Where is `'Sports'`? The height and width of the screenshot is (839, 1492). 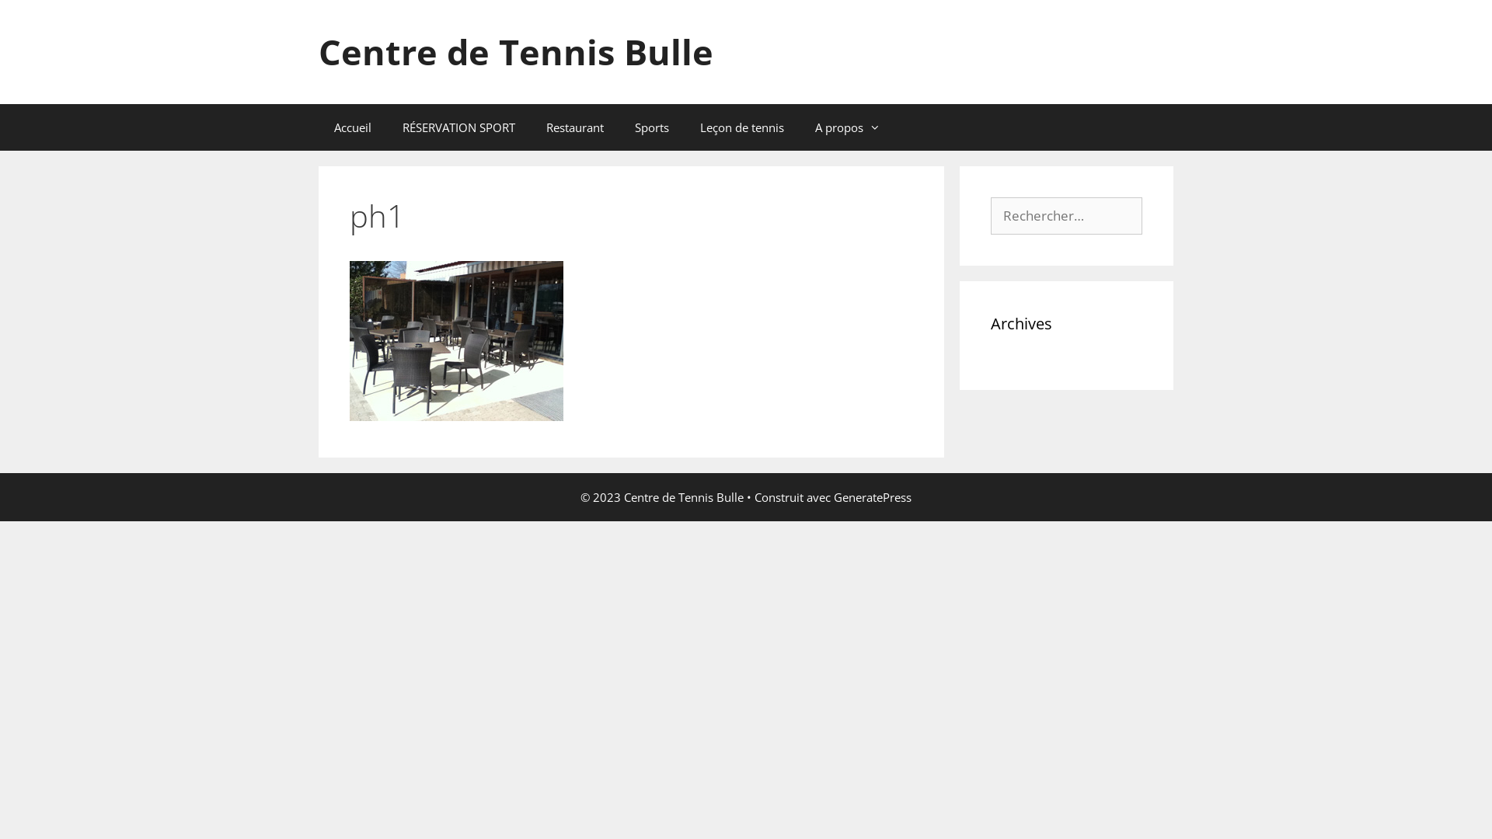
'Sports' is located at coordinates (652, 127).